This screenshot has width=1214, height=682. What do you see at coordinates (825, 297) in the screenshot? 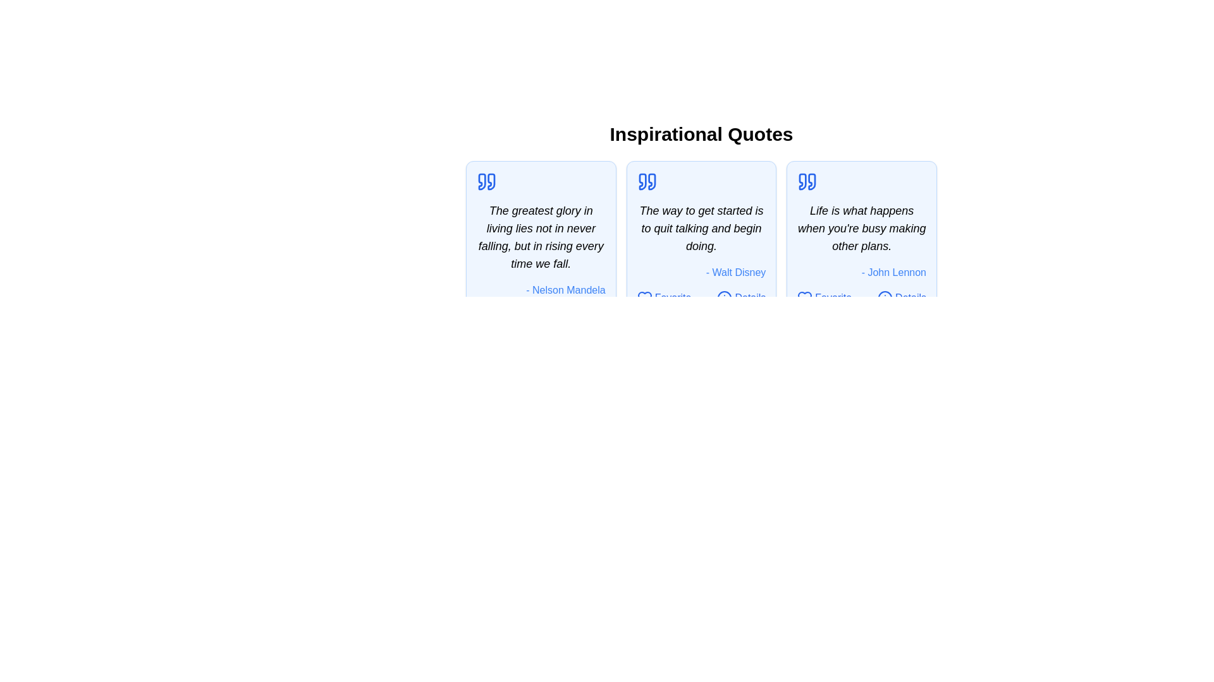
I see `the blue heart icon and 'Favorite' text link in the action bar of the rightmost quote card to mark the quote as favorite` at bounding box center [825, 297].